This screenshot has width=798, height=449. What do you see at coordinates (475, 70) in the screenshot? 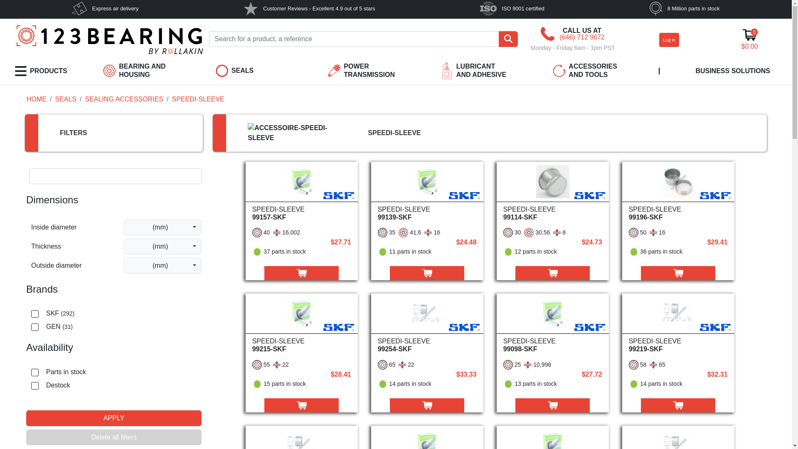
I see `'LUBRICANT AND ADHESIVE'` at bounding box center [475, 70].